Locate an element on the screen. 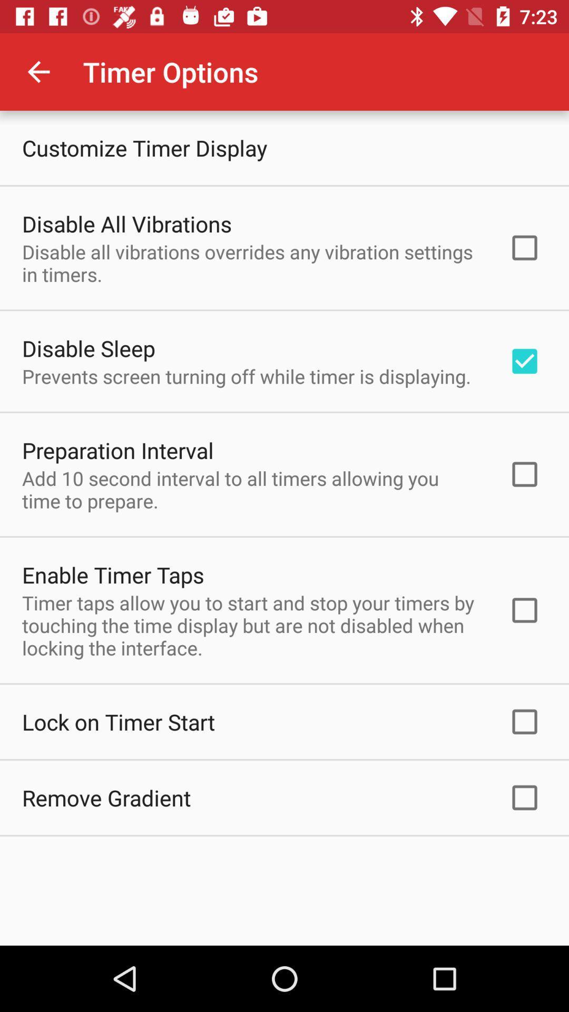  the disable sleep icon is located at coordinates (88, 348).